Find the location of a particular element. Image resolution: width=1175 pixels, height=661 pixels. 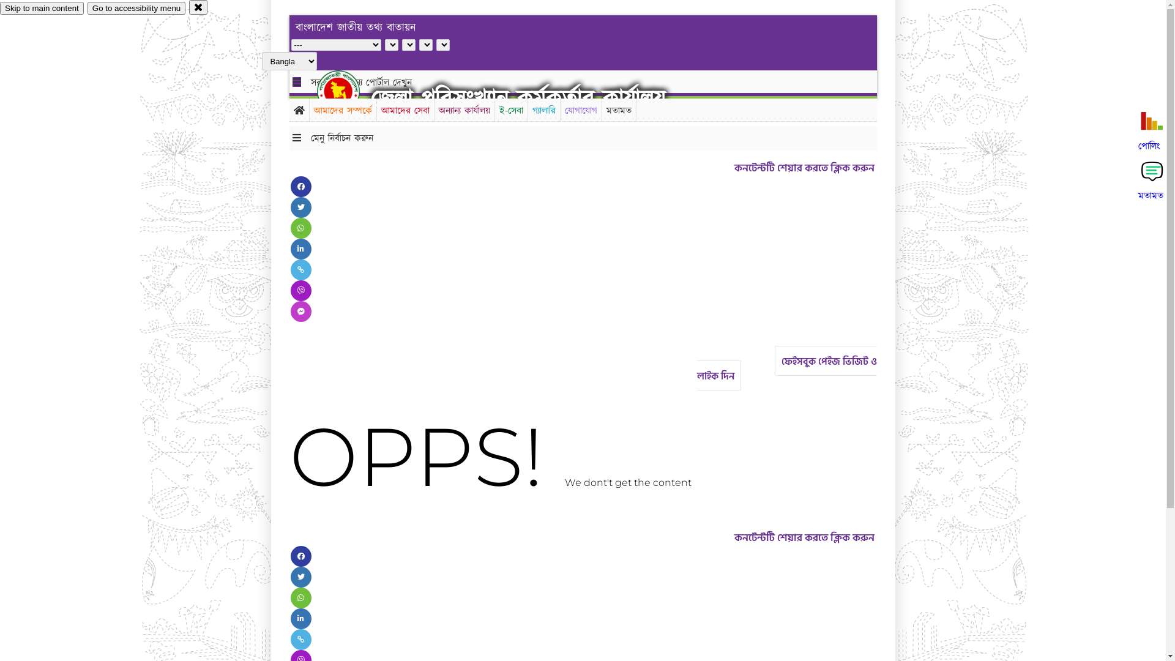

'Skip to main content' is located at coordinates (0, 8).